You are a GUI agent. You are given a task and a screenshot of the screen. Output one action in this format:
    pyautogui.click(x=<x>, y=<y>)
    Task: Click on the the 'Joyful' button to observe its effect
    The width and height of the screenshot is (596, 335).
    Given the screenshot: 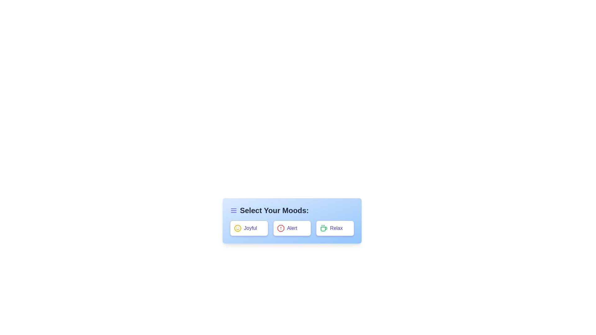 What is the action you would take?
    pyautogui.click(x=249, y=228)
    